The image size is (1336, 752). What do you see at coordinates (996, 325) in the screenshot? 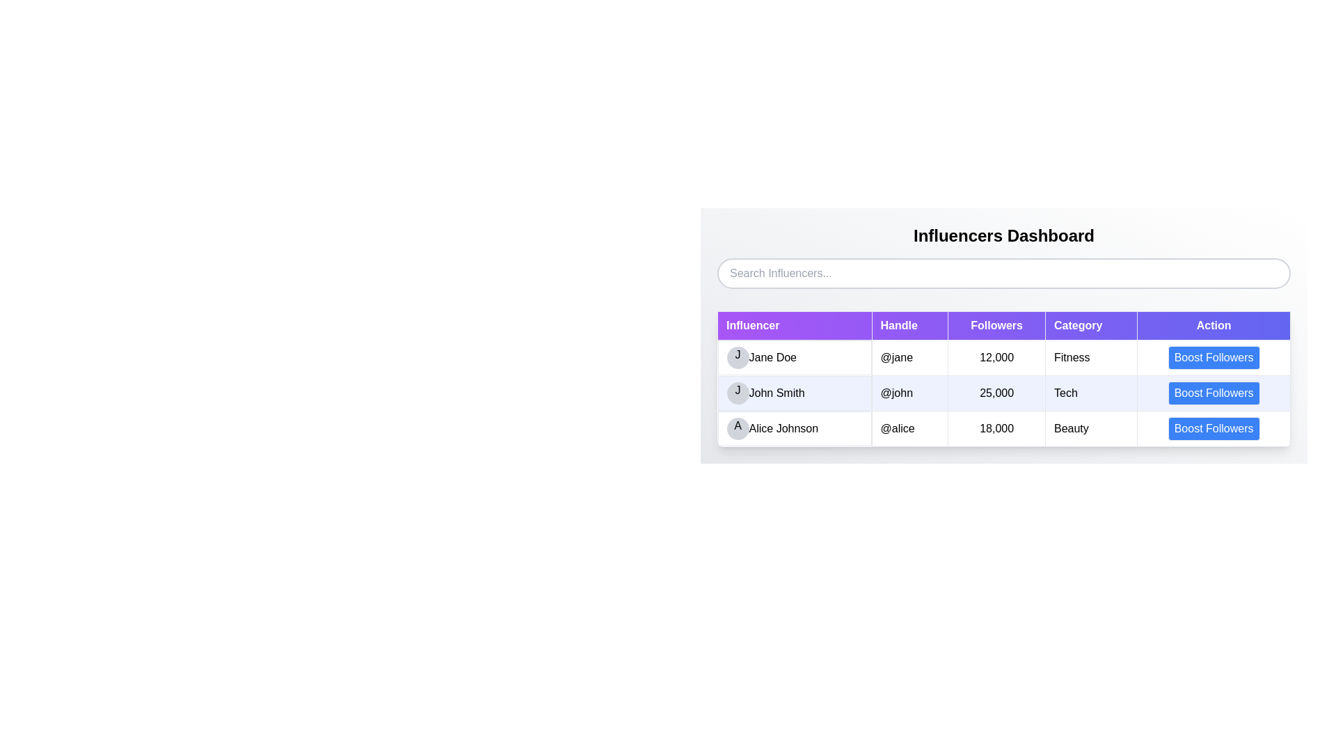
I see `the Table Header Label with the text 'Followers', which has a purple background and is located in the top header row of a table, between the 'Handle' and 'Category' columns` at bounding box center [996, 325].